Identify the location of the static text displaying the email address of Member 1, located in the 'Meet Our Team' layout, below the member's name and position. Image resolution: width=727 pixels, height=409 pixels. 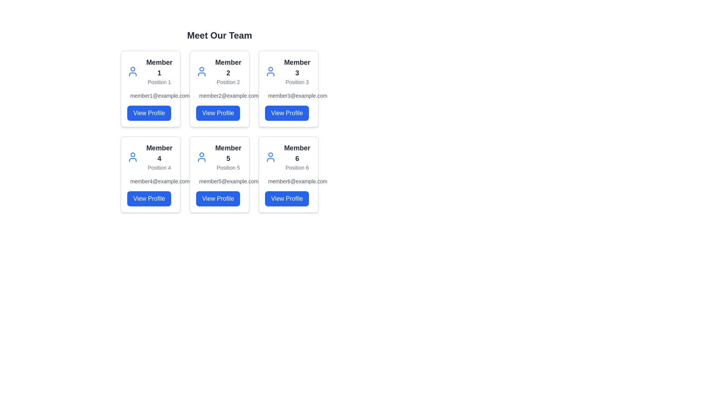
(151, 95).